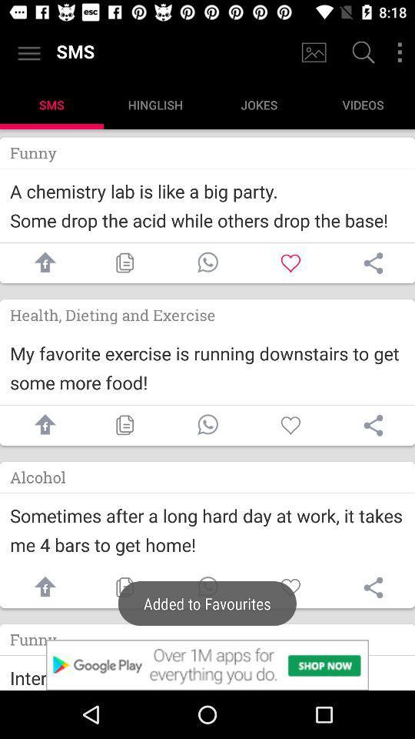  Describe the element at coordinates (400, 52) in the screenshot. I see `menu page` at that location.